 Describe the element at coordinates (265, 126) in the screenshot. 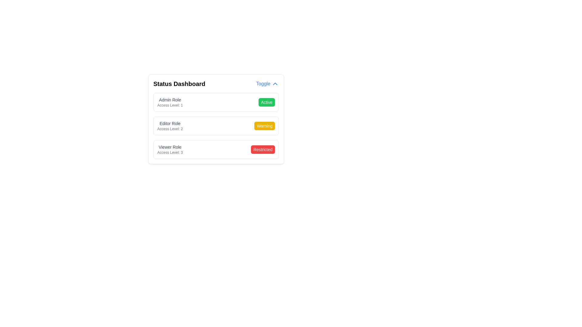

I see `the content of the warning label that alerts the user about the warning status associated with the 'Editor Role' in the 'Status Dashboard' interface, located to the right of the 'Editor Role' text` at that location.